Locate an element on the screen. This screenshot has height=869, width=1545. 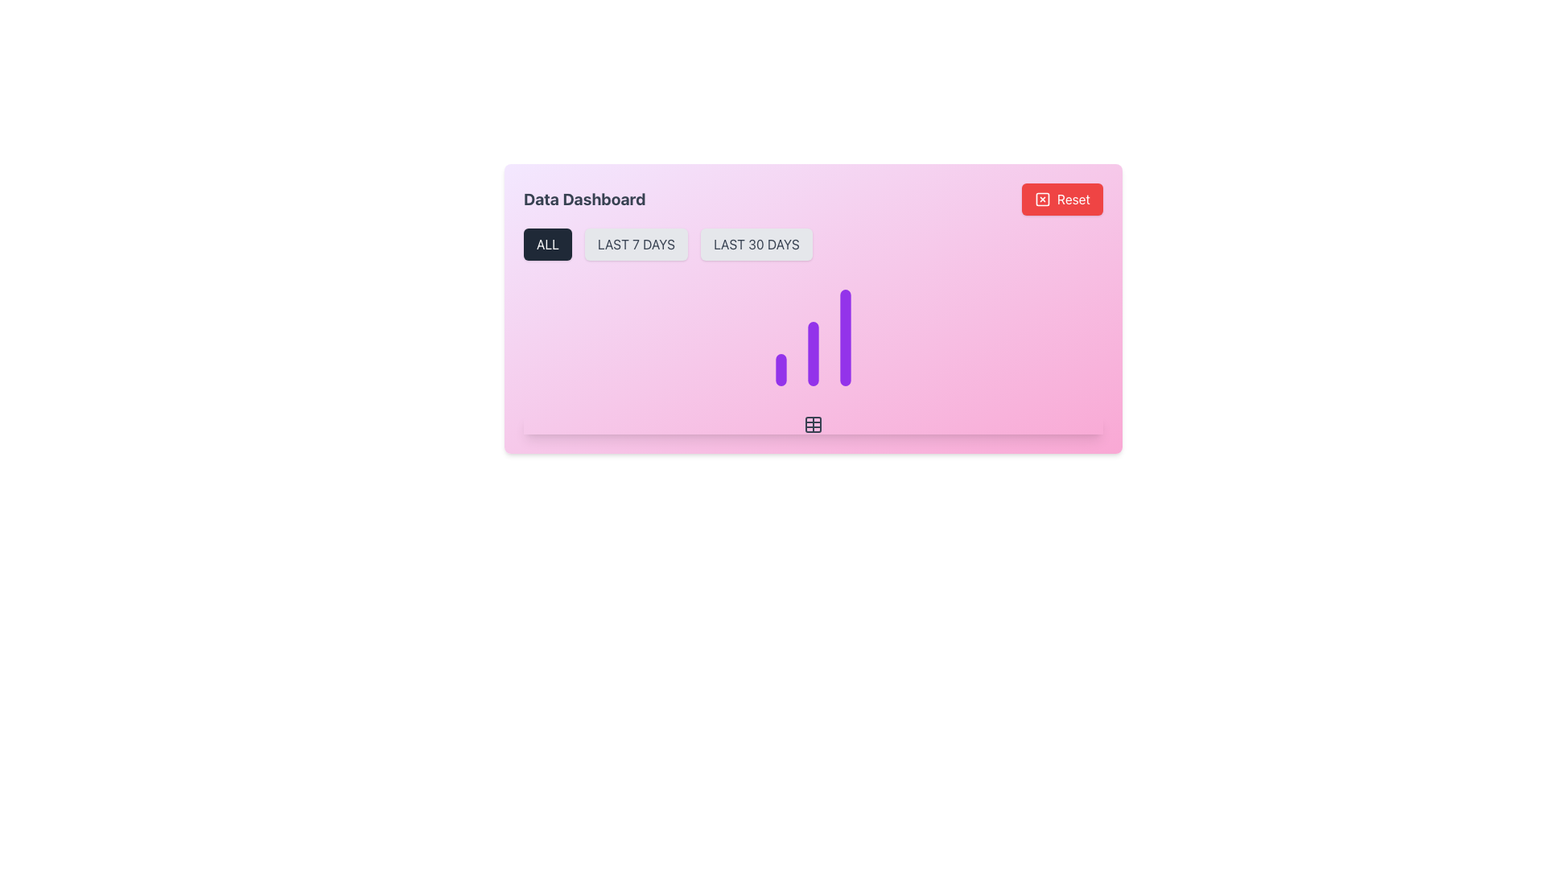
the Bar Chart element, which is a column bar chart located in the middle section of the interface, below the filter buttons labeled 'ALL', 'LAST 7 DAYS', and 'LAST 30 DAYS' is located at coordinates (814, 337).